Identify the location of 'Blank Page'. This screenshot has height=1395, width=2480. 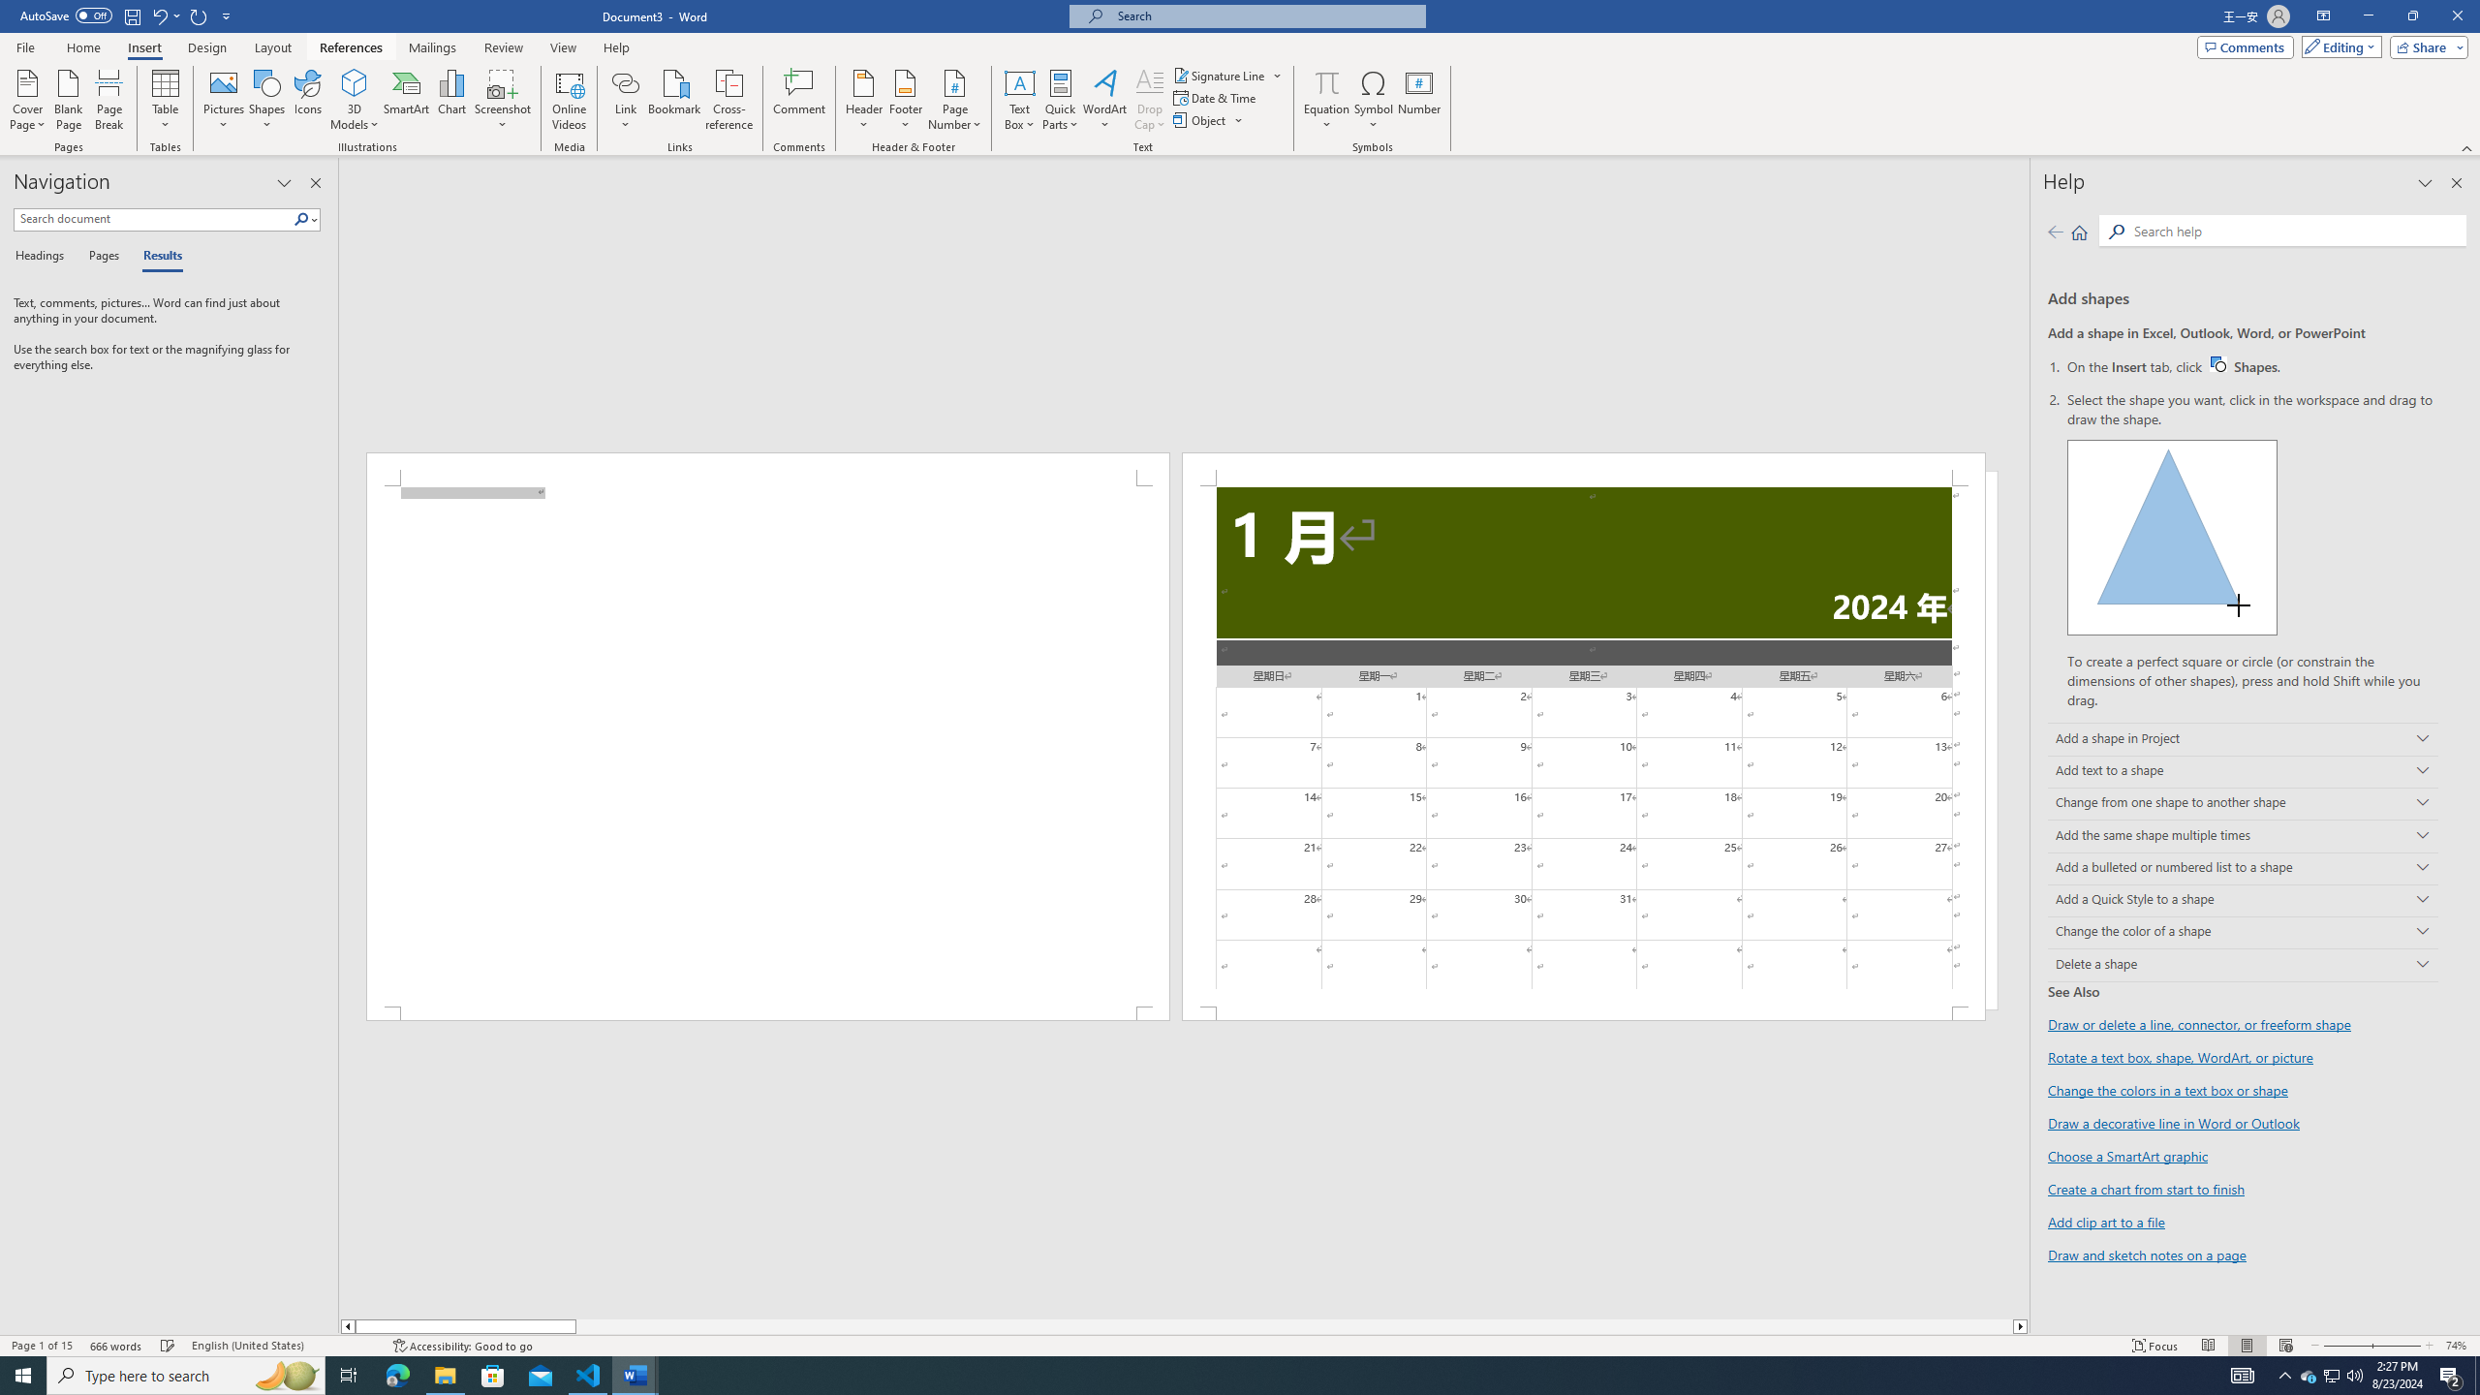
(68, 100).